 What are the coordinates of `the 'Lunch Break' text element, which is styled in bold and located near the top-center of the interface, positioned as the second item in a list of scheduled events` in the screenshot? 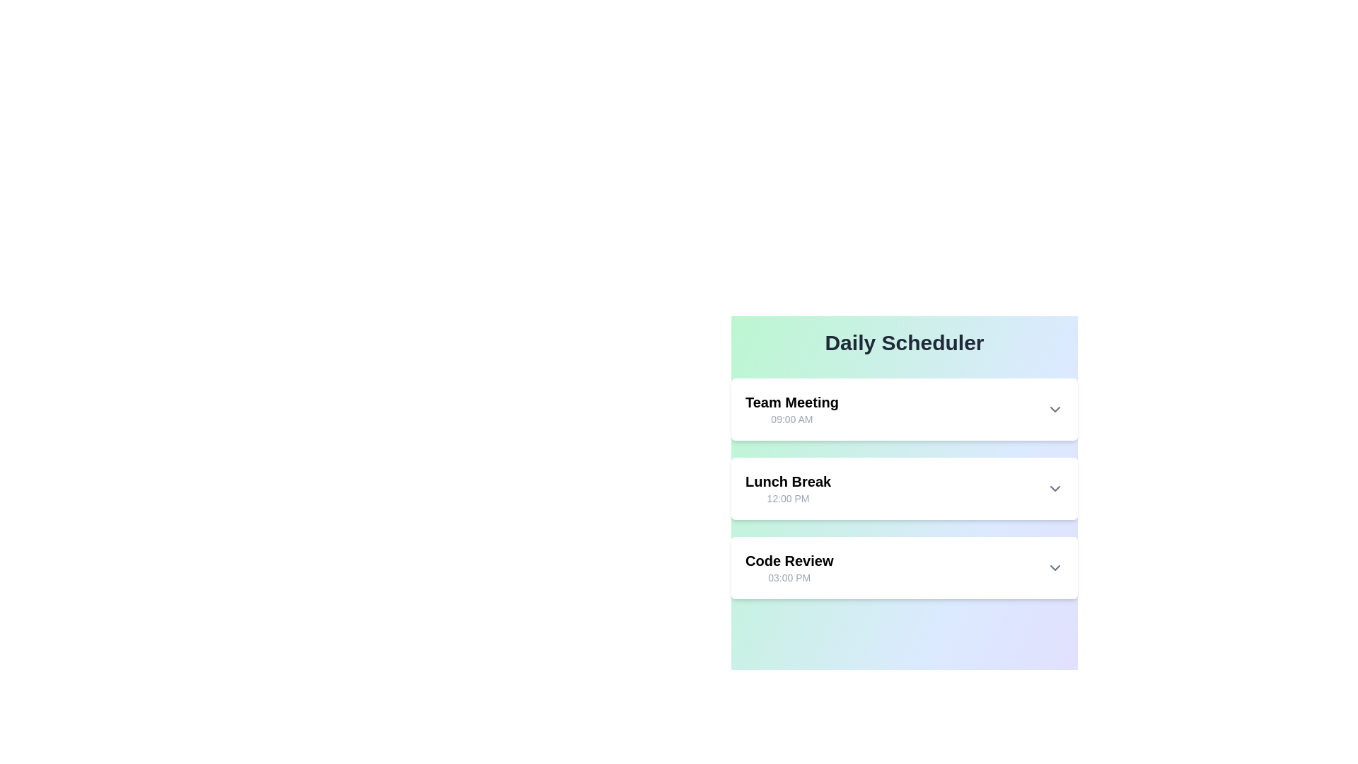 It's located at (787, 481).